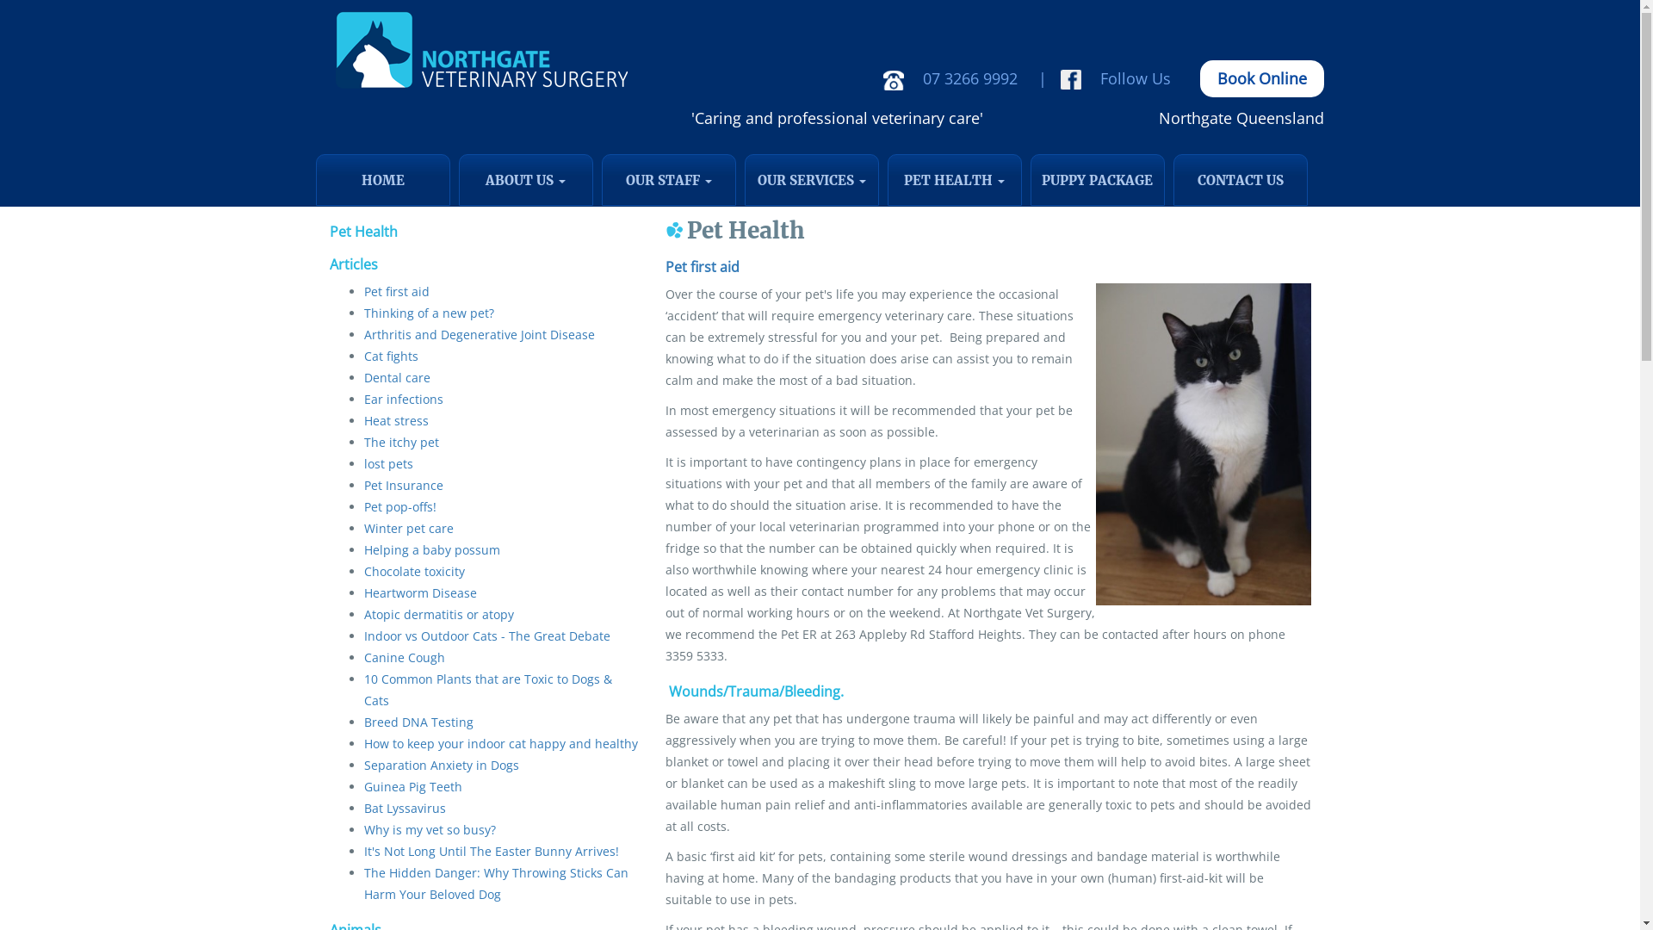  What do you see at coordinates (479, 50) in the screenshot?
I see `'Northgate Veterinary Surgery Logo'` at bounding box center [479, 50].